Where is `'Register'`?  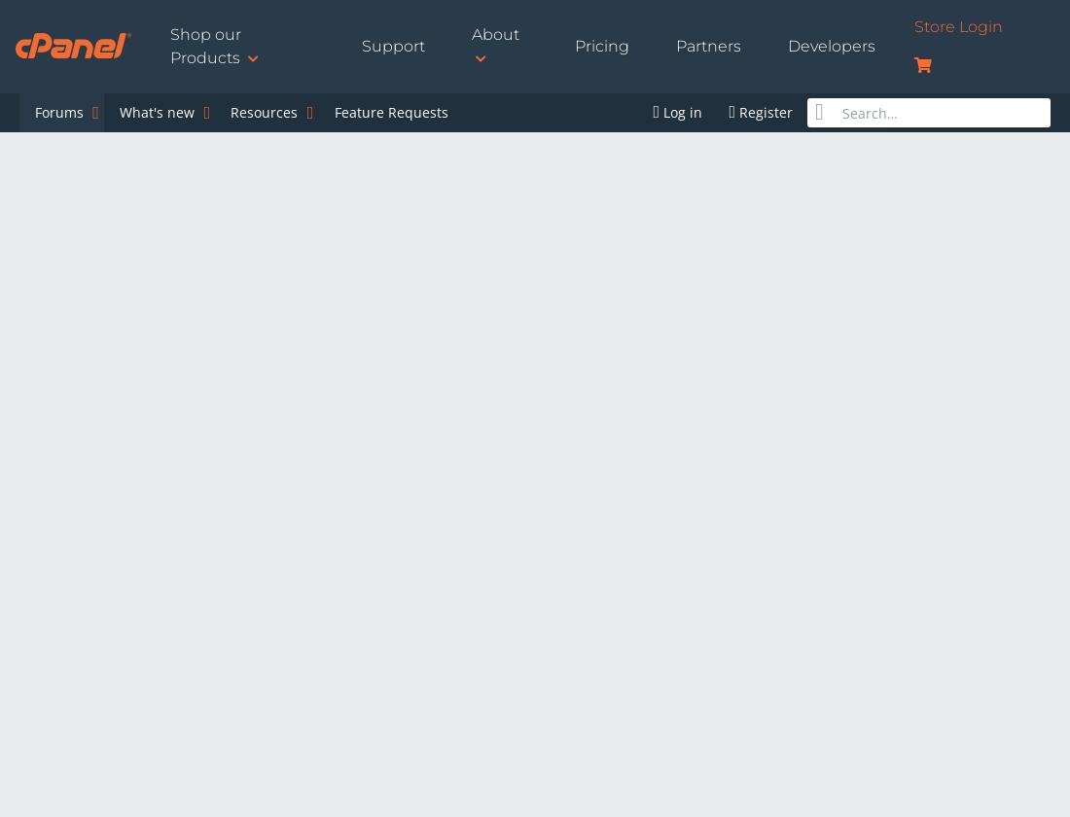 'Register' is located at coordinates (737, 112).